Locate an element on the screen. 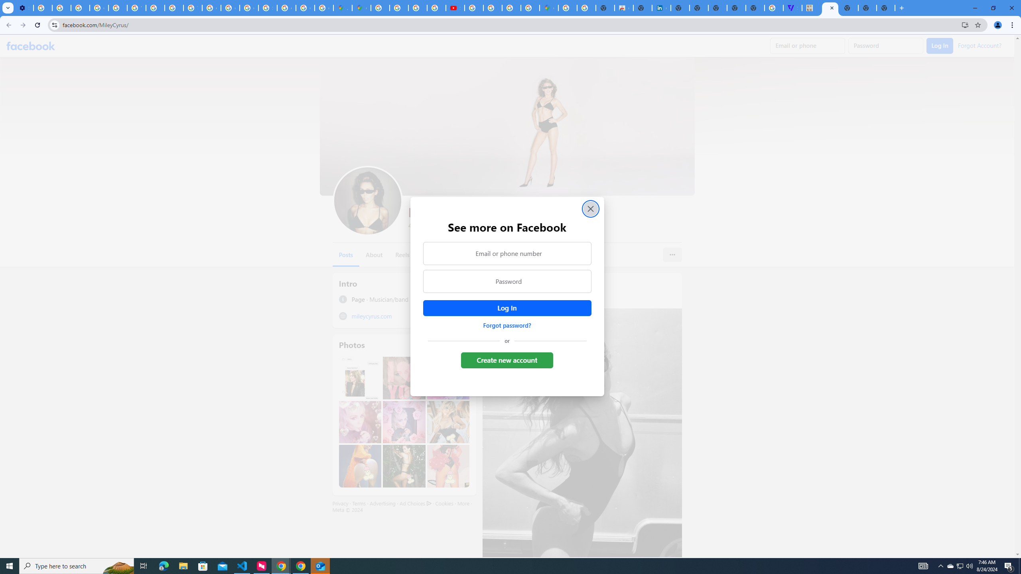 The image size is (1021, 574). 'Forgot Account?' is located at coordinates (979, 45).